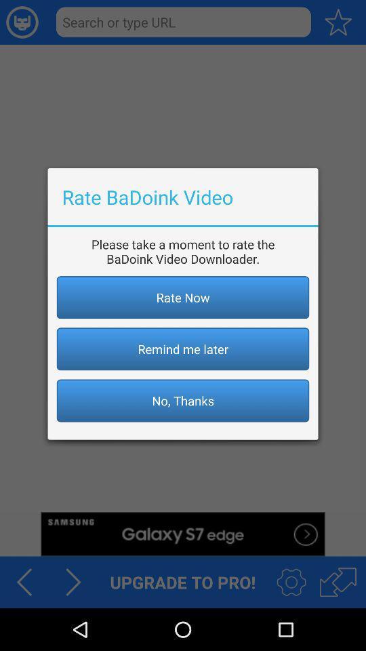 The height and width of the screenshot is (651, 366). Describe the element at coordinates (183, 297) in the screenshot. I see `rate now icon` at that location.